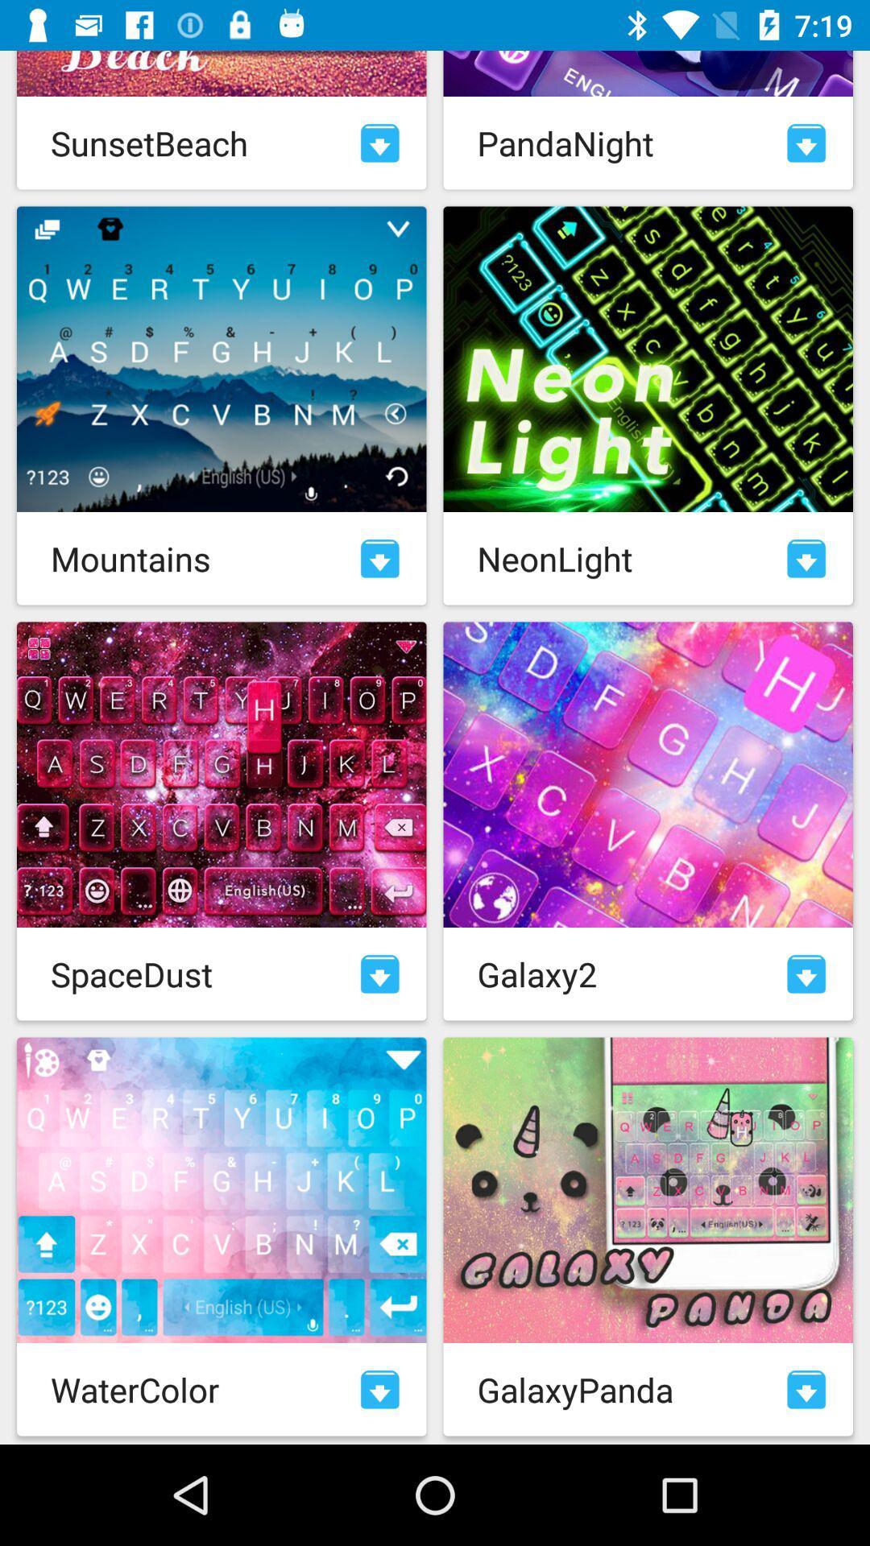 This screenshot has width=870, height=1546. What do you see at coordinates (806, 1388) in the screenshot?
I see `download galaxypanda theme` at bounding box center [806, 1388].